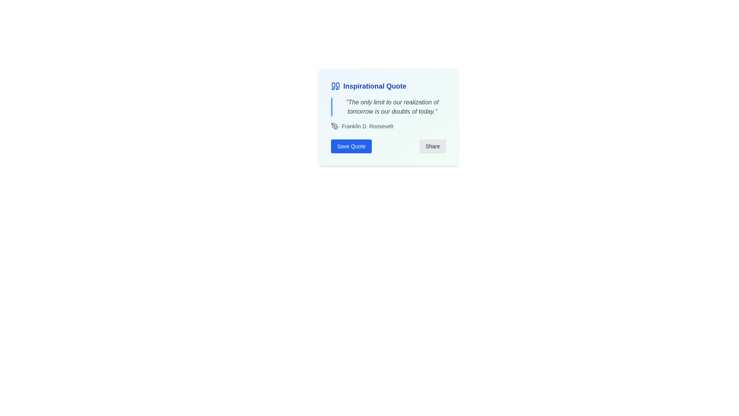  What do you see at coordinates (388, 107) in the screenshot?
I see `the italic styled text display containing the quote 'The only limit to our realization of tomorrow is our doubts of today.'` at bounding box center [388, 107].